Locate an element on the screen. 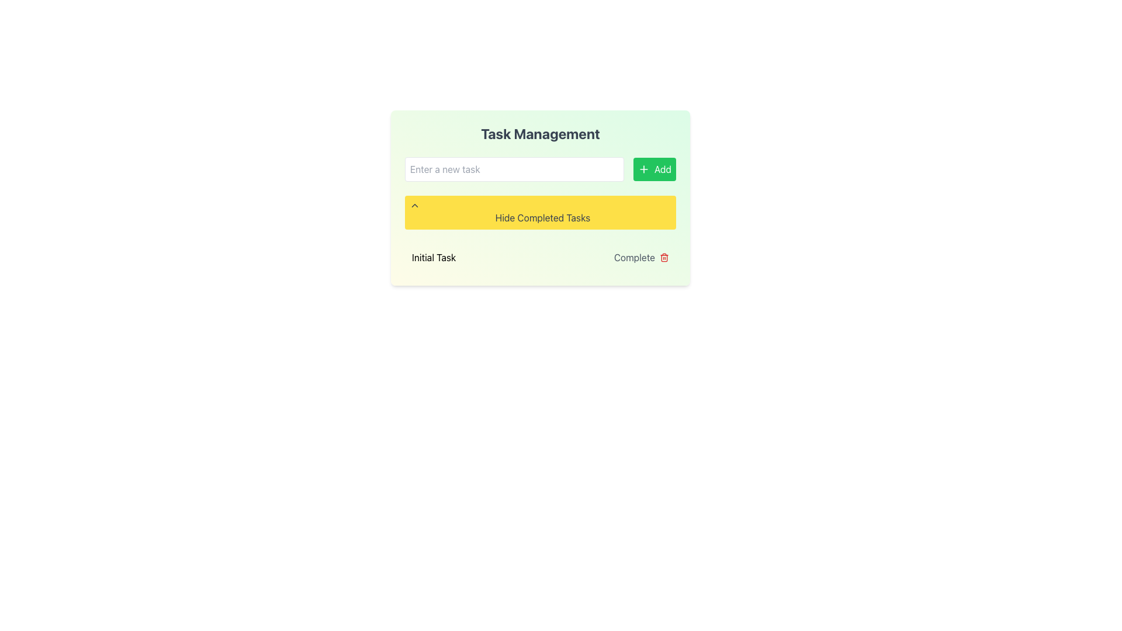 This screenshot has height=631, width=1122. the 'Hide Completed Tasks' button, which is a rectangular button with a yellow background and rounded corners, displaying gray text and an upward-pointing chevron icon is located at coordinates (540, 212).